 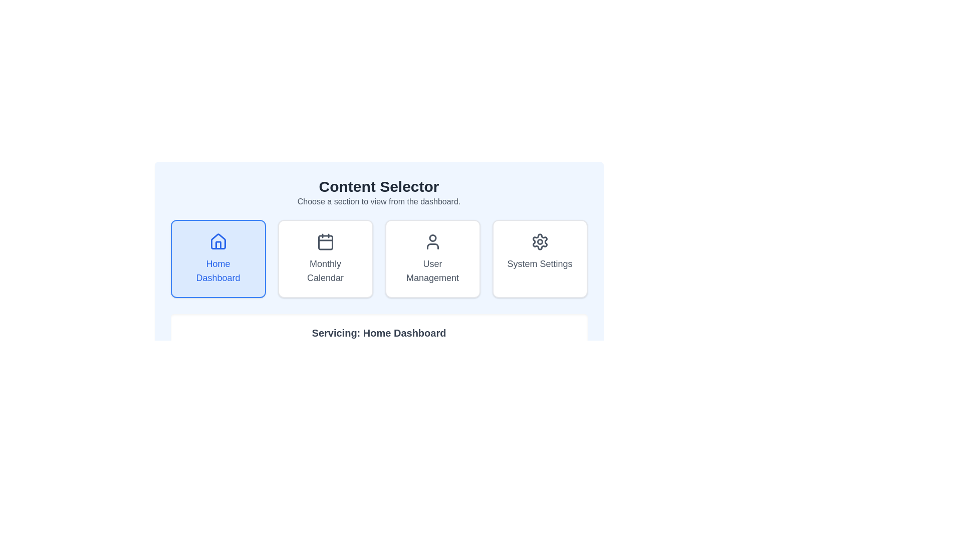 What do you see at coordinates (217, 241) in the screenshot?
I see `the 'Home Dashboard' icon, which is visually positioned at the top of the 'Home Dashboard' card and acts as a recognizable symbol for navigation` at bounding box center [217, 241].